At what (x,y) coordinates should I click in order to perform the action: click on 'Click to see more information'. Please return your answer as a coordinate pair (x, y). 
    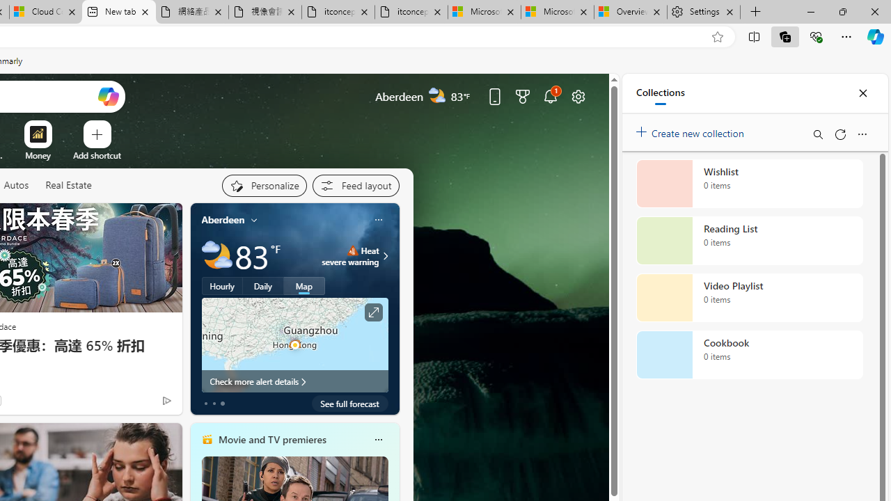
    Looking at the image, I should click on (373, 312).